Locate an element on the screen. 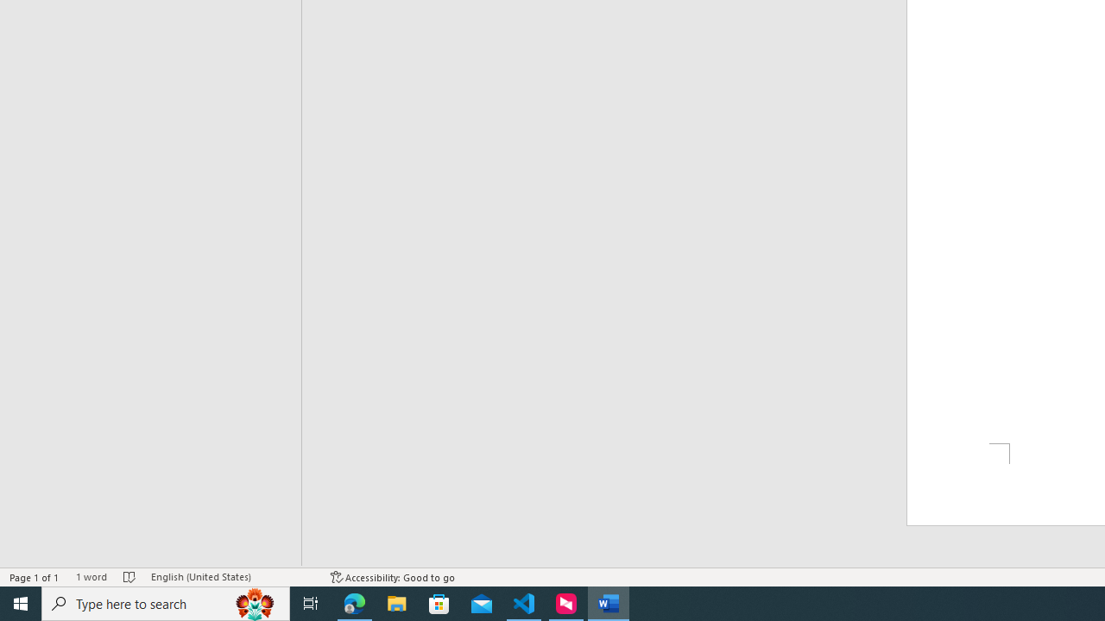 Image resolution: width=1105 pixels, height=621 pixels. 'Spelling and Grammar Check No Errors' is located at coordinates (129, 577).